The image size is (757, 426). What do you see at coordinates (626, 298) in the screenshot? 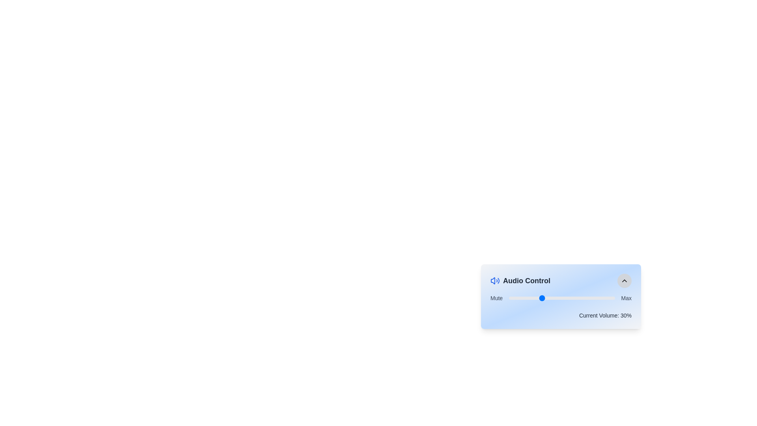
I see `text content of the label displaying 'Max', which is located at the rightmost end of the audio controls interface` at bounding box center [626, 298].